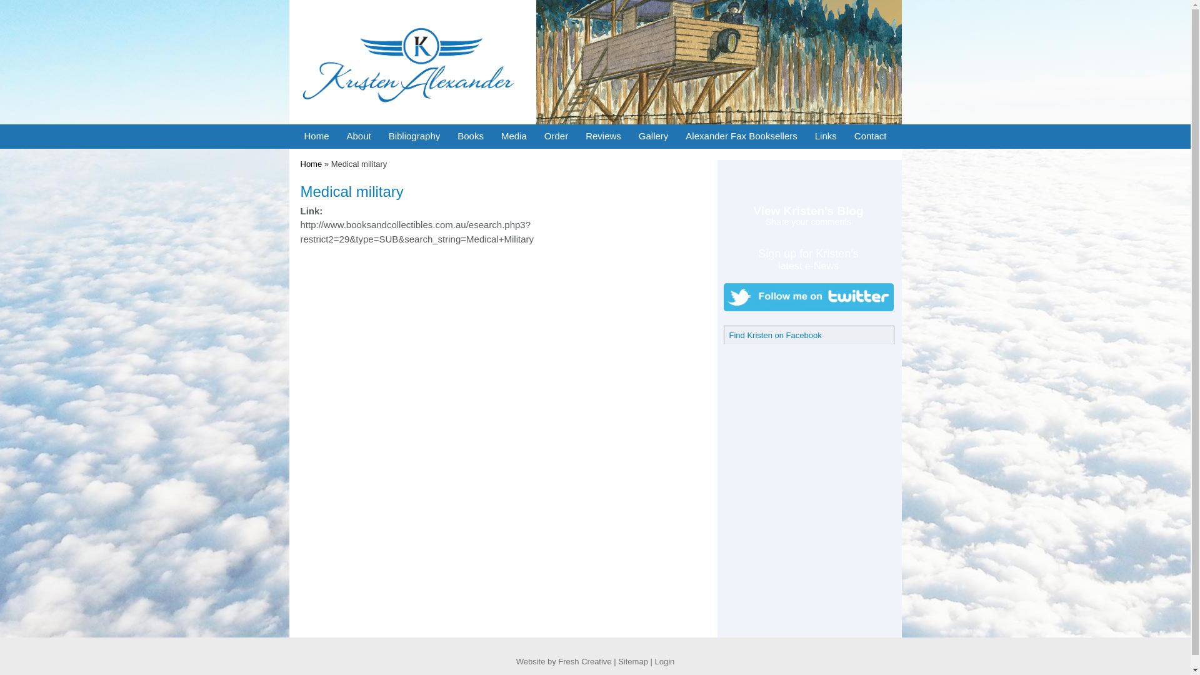 The height and width of the screenshot is (675, 1200). I want to click on 'Bibliography', so click(414, 136).